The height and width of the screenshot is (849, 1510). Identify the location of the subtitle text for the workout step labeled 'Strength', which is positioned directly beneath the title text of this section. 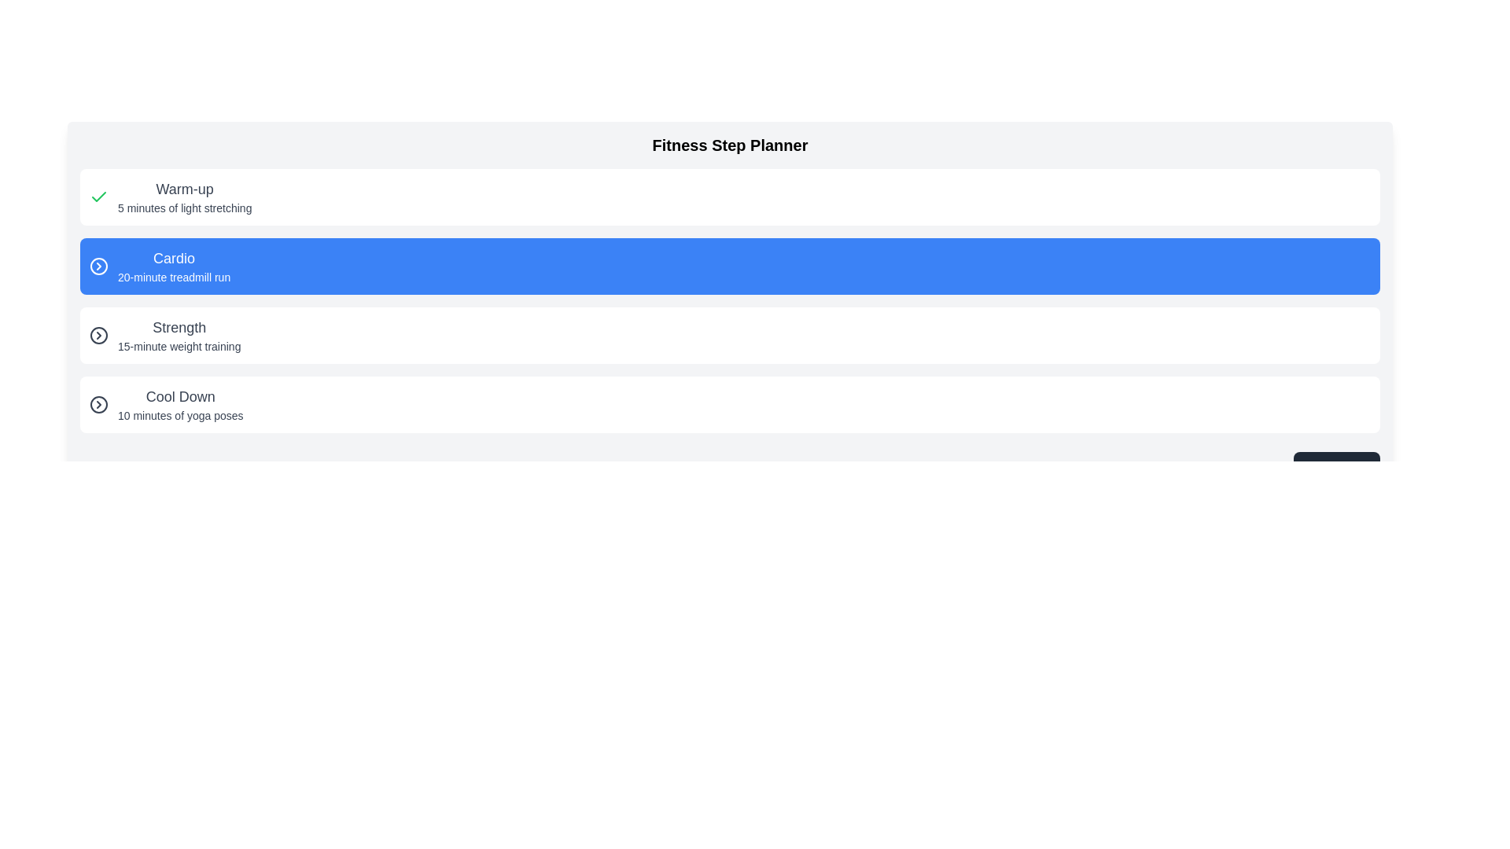
(179, 345).